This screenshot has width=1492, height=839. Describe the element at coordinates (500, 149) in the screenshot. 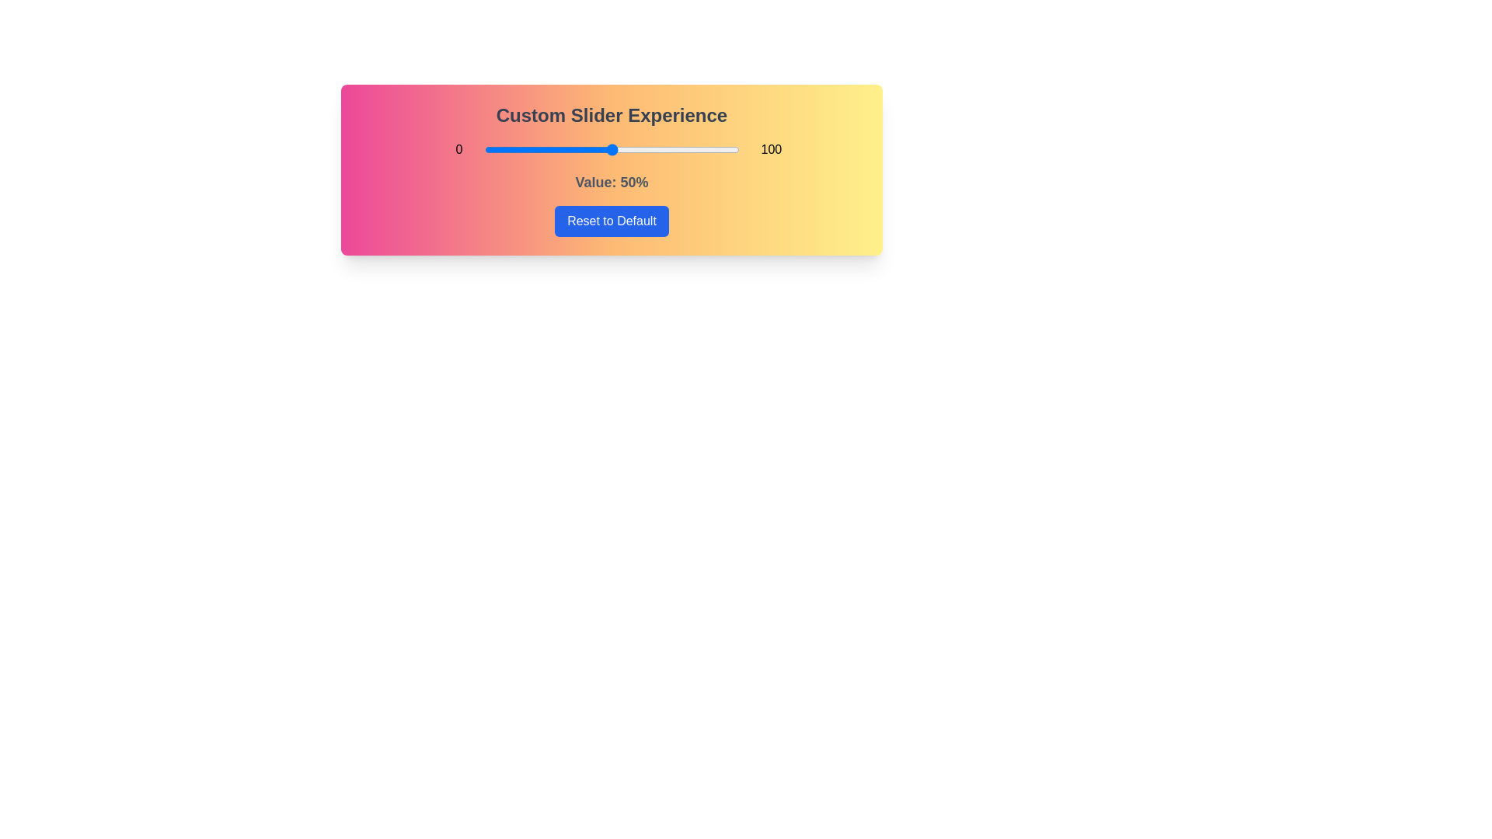

I see `the slider to 6% to explore the gradient background` at that location.